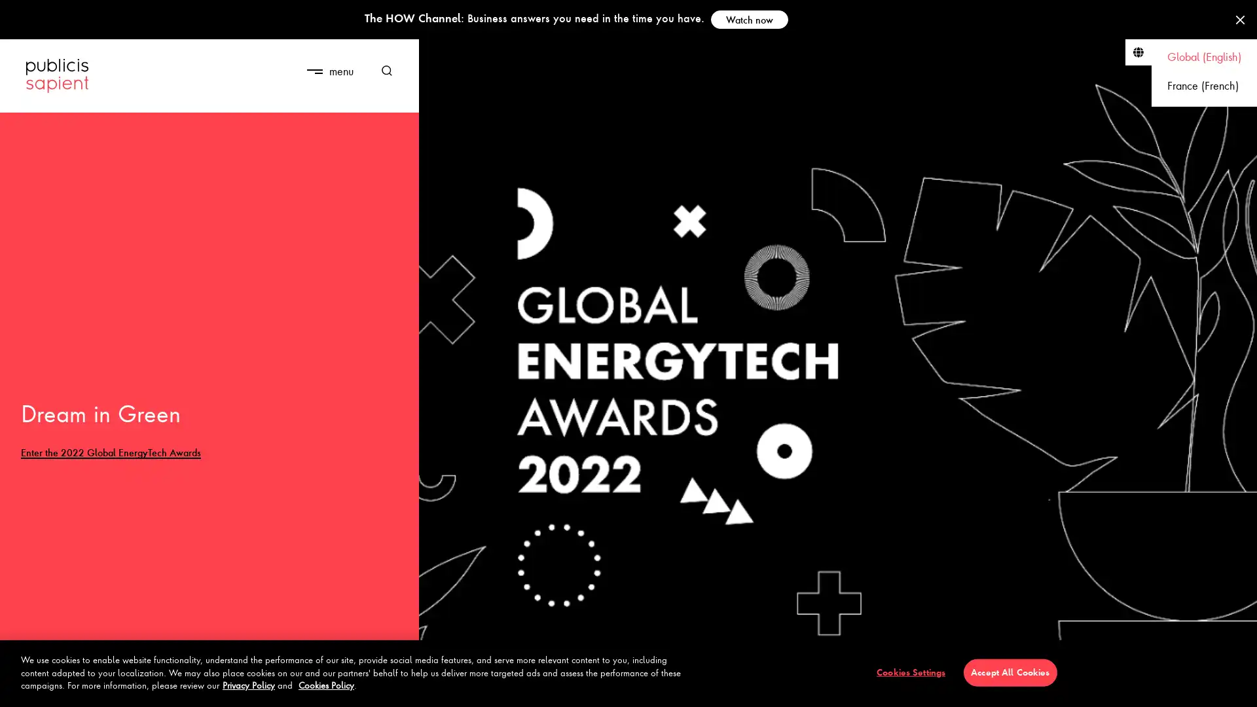 The width and height of the screenshot is (1257, 707). I want to click on Cookies Settings, so click(910, 672).